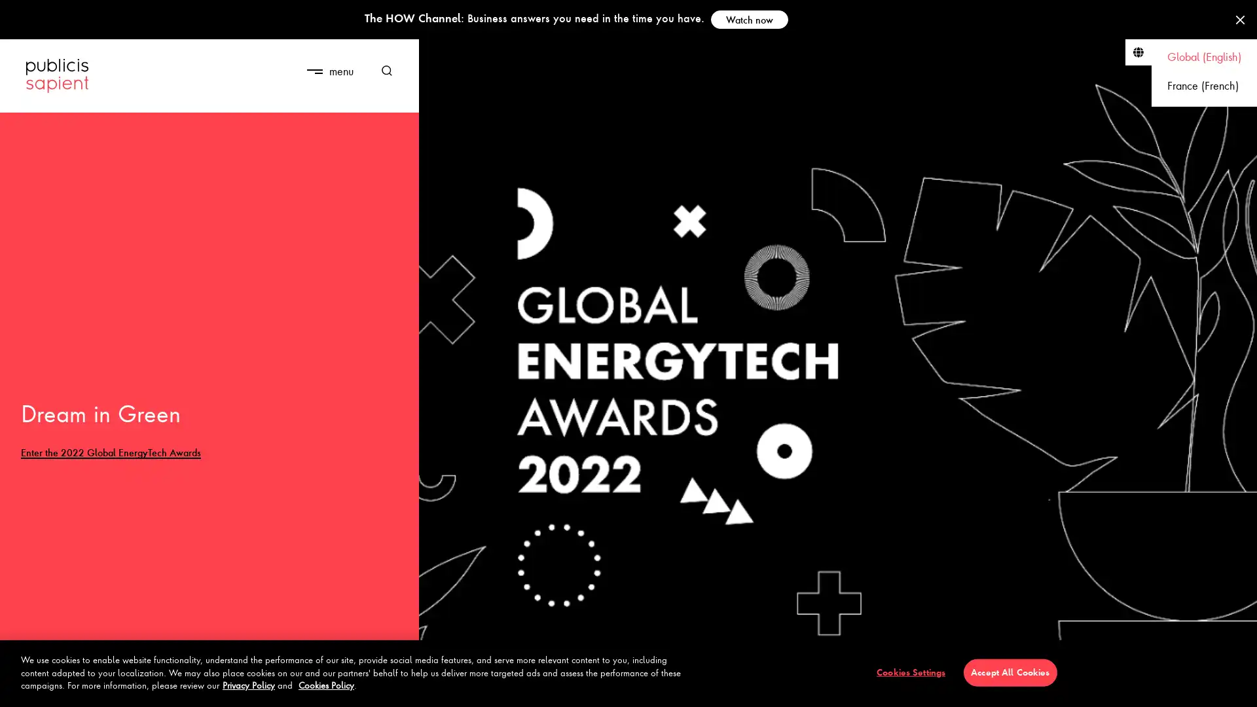 The width and height of the screenshot is (1257, 707). I want to click on Cookies Settings, so click(910, 672).